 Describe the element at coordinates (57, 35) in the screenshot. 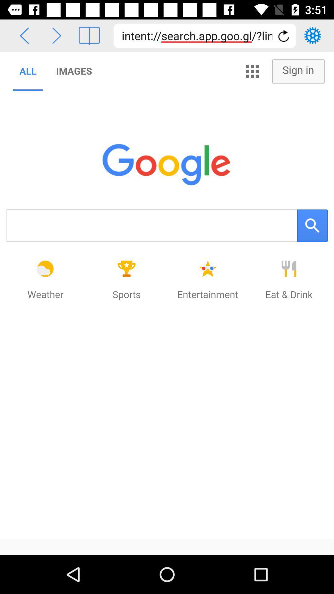

I see `go forward` at that location.